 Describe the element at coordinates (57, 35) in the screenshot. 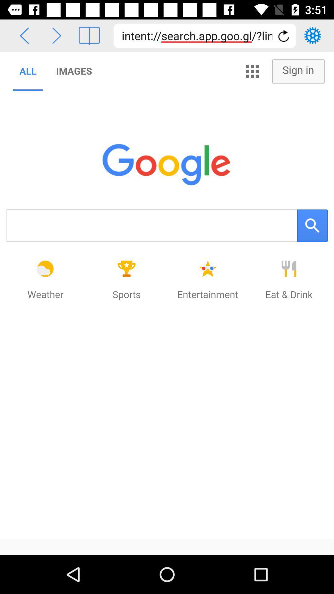

I see `go forward` at that location.